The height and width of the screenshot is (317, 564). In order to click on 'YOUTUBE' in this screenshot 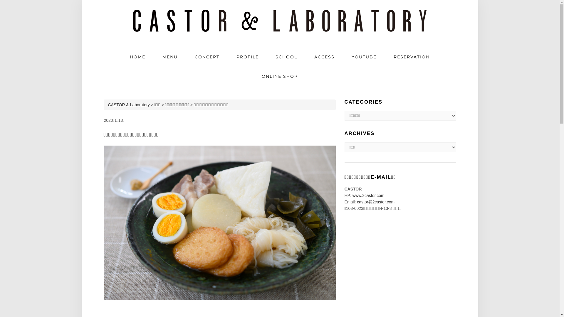, I will do `click(364, 57)`.